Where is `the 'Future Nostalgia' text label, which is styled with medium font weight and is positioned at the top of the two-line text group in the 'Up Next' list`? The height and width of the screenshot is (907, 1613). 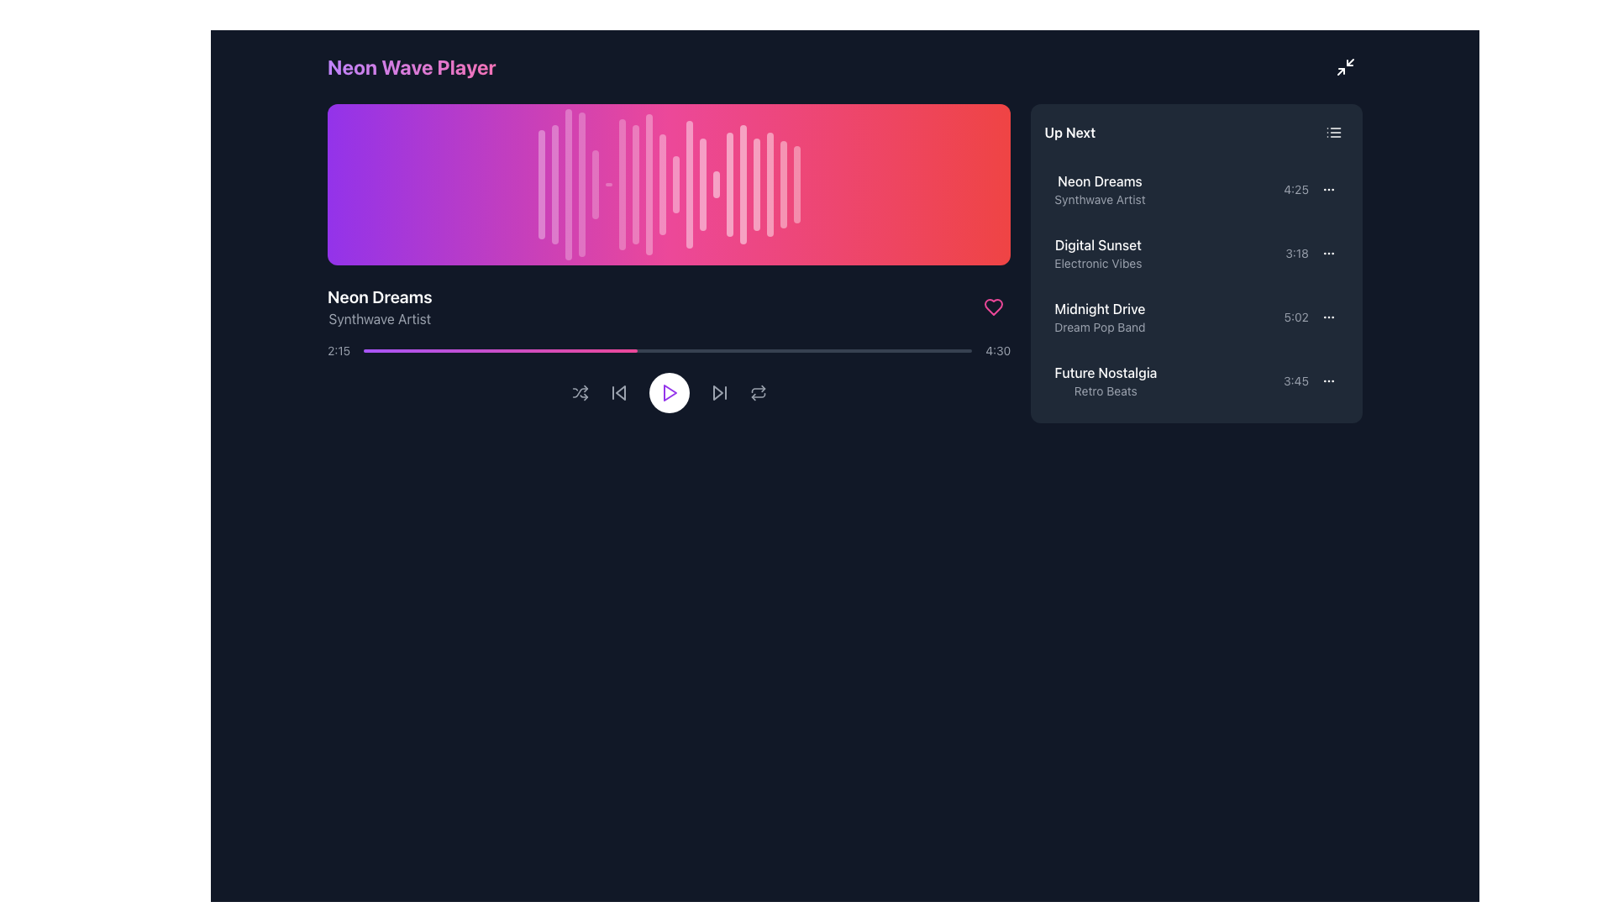 the 'Future Nostalgia' text label, which is styled with medium font weight and is positioned at the top of the two-line text group in the 'Up Next' list is located at coordinates (1106, 371).